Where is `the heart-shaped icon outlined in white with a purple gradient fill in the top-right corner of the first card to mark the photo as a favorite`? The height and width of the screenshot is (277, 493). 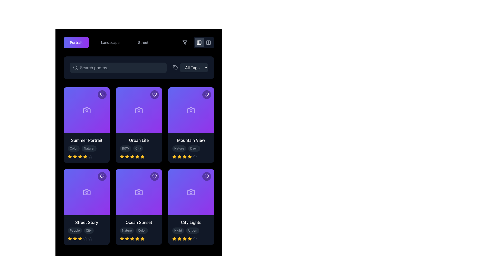
the heart-shaped icon outlined in white with a purple gradient fill in the top-right corner of the first card to mark the photo as a favorite is located at coordinates (102, 95).